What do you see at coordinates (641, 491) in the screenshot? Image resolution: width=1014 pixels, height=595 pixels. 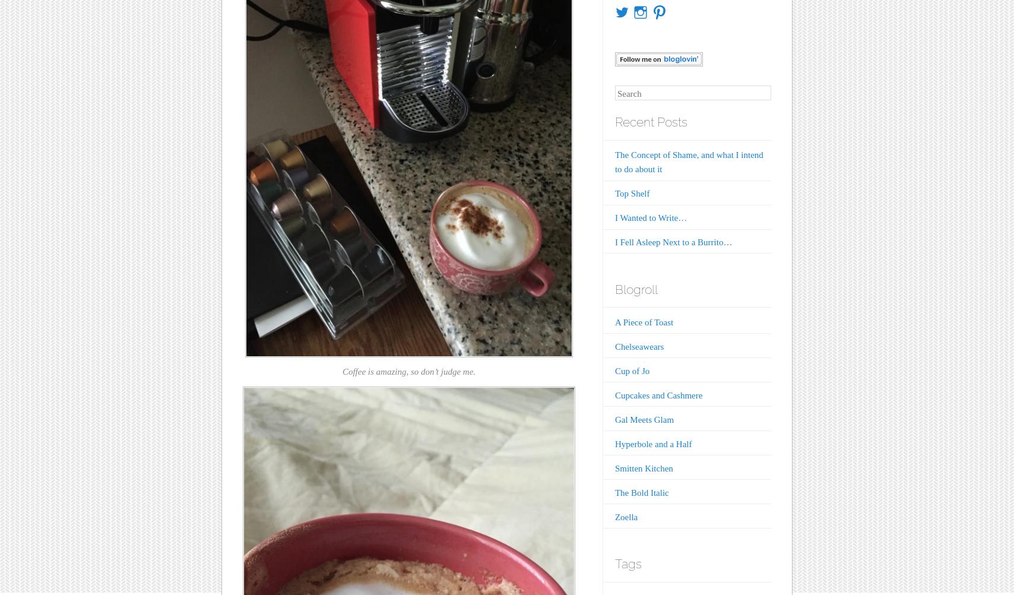 I see `'The Bold Italic'` at bounding box center [641, 491].